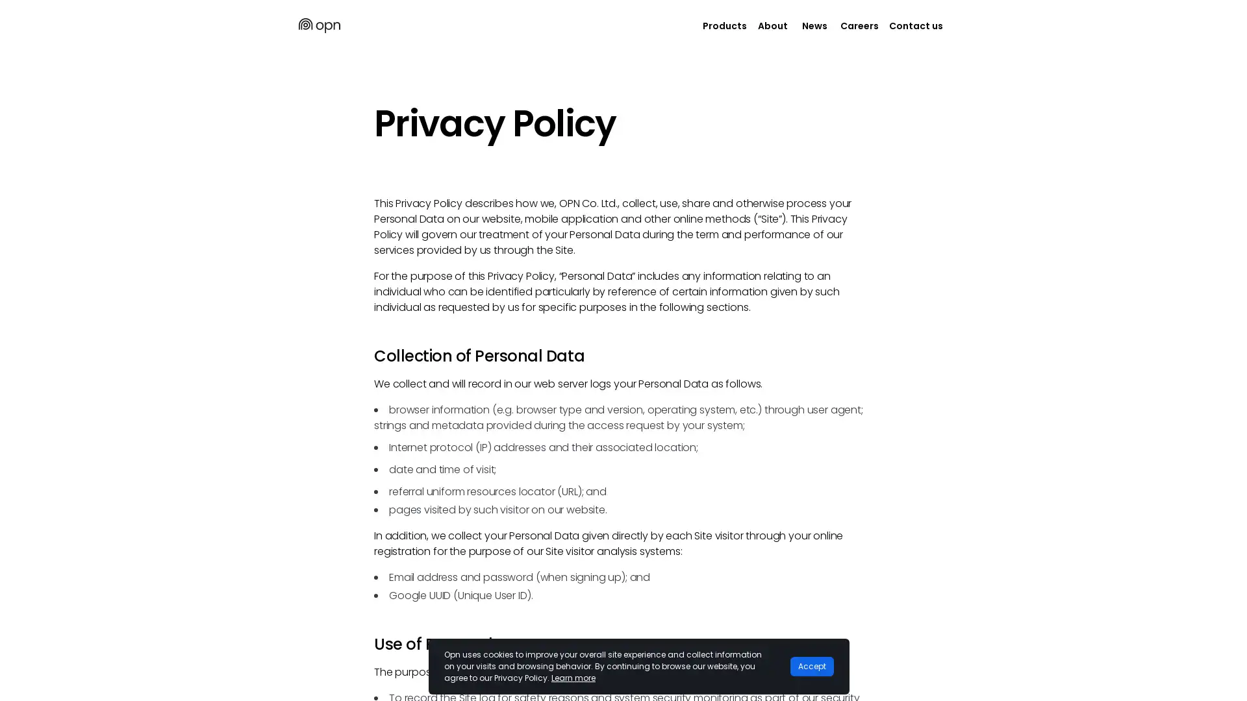  What do you see at coordinates (859, 25) in the screenshot?
I see `Careers` at bounding box center [859, 25].